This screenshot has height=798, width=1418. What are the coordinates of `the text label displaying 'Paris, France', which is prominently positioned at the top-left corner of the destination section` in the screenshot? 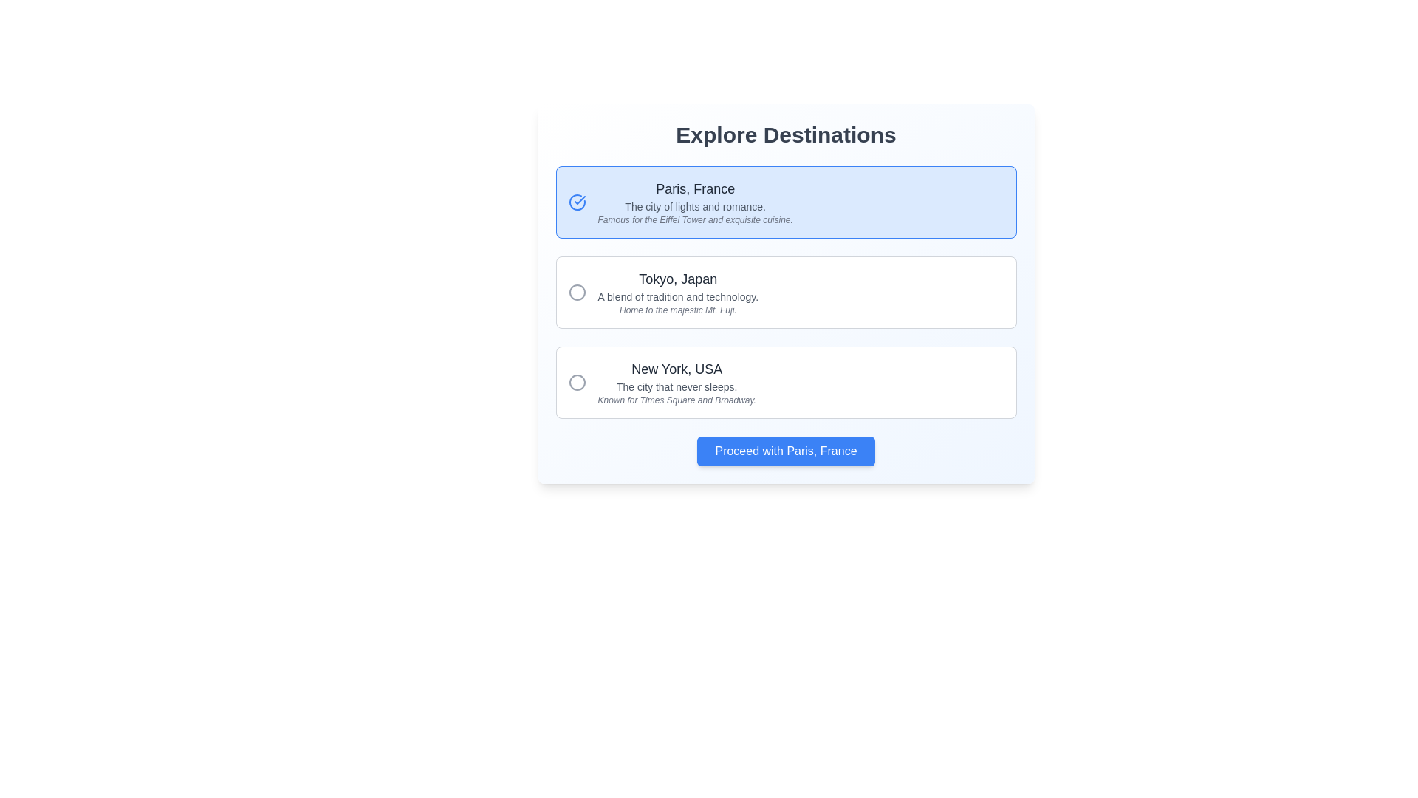 It's located at (694, 188).